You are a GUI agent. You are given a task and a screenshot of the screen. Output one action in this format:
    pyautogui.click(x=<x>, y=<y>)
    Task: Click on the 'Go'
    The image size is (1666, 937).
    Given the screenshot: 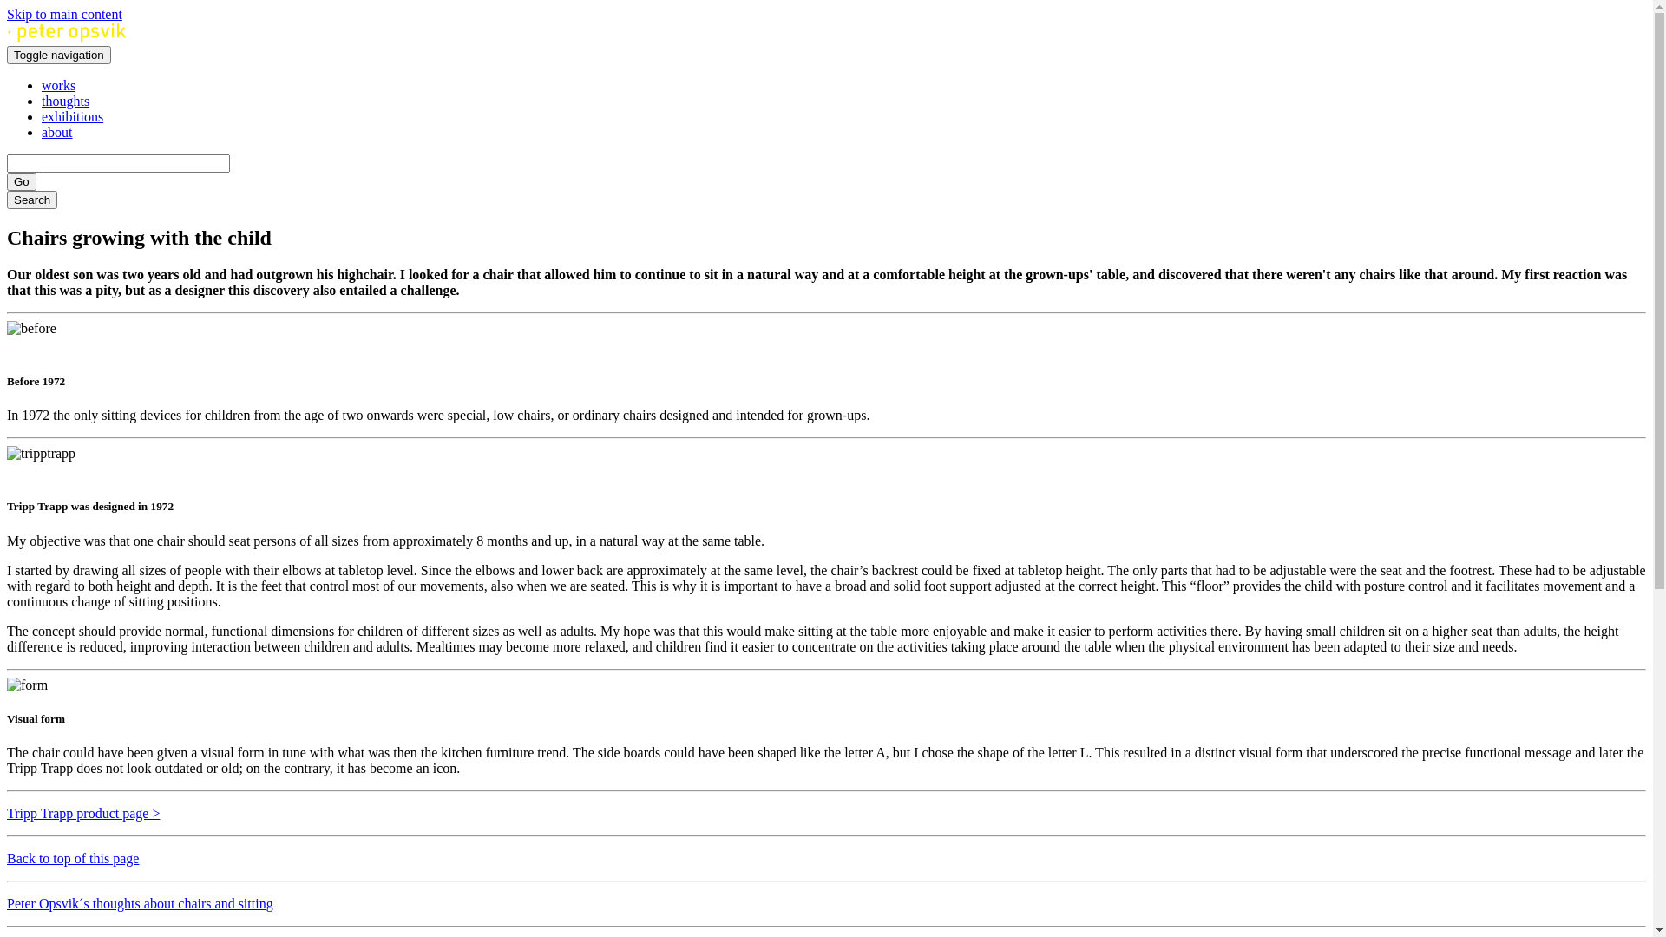 What is the action you would take?
    pyautogui.click(x=7, y=181)
    